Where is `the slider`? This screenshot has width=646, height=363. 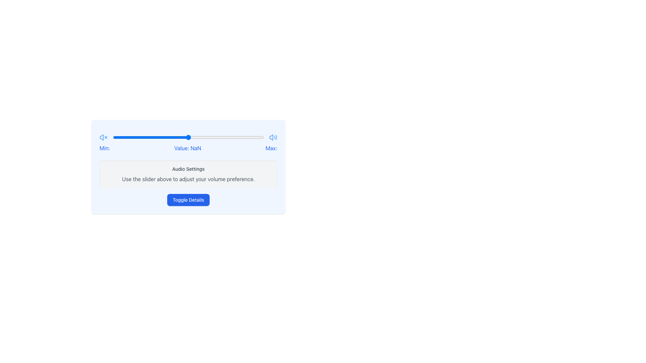
the slider is located at coordinates (244, 137).